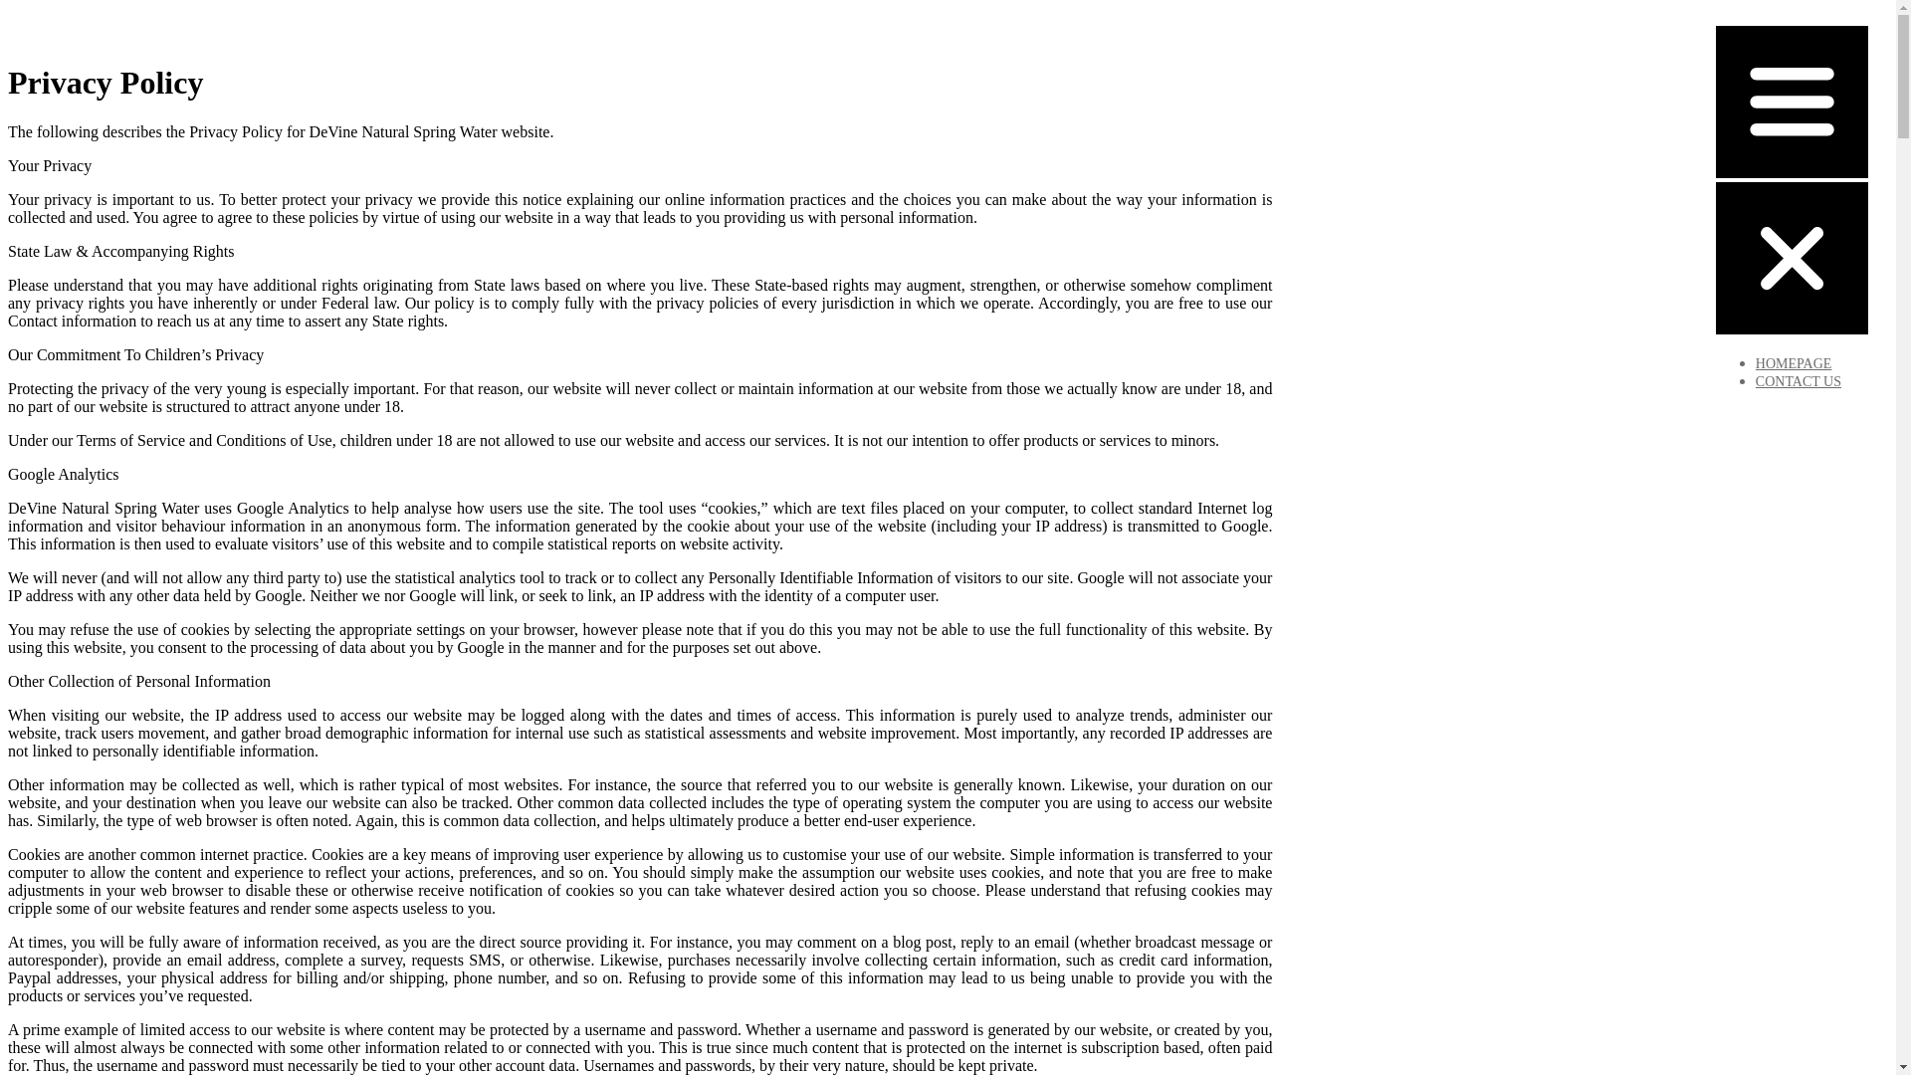 Image resolution: width=1911 pixels, height=1075 pixels. Describe the element at coordinates (1794, 363) in the screenshot. I see `'HOMEPAGE'` at that location.